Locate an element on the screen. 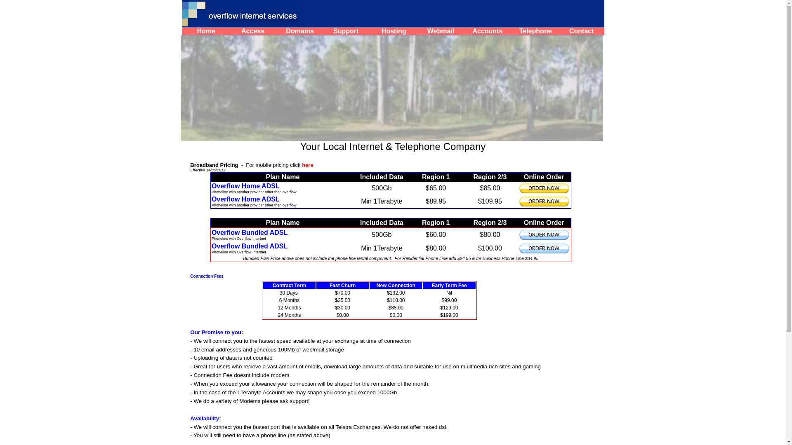  'Access' is located at coordinates (241, 31).